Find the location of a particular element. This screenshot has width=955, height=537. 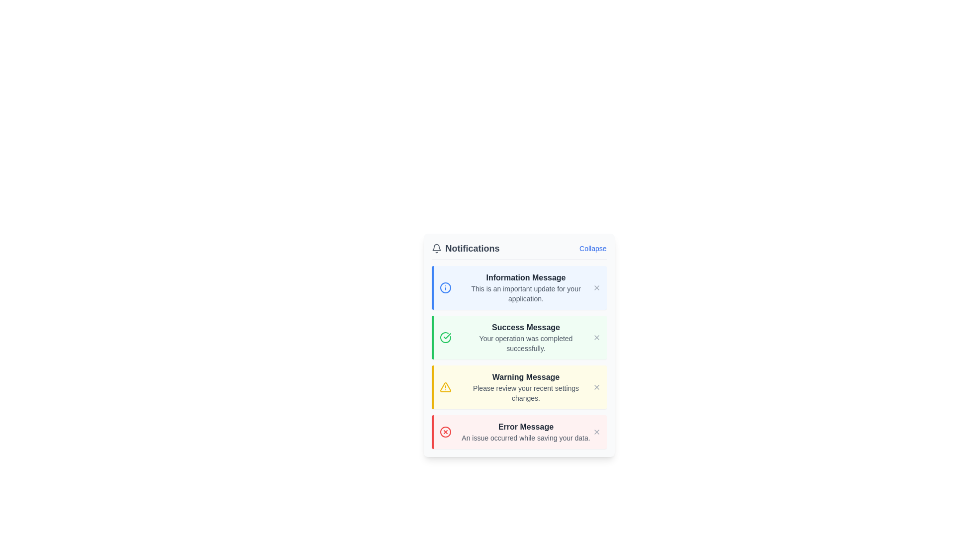

the notifications bell icon located in the notifications header bar for visual feedback is located at coordinates (436, 247).